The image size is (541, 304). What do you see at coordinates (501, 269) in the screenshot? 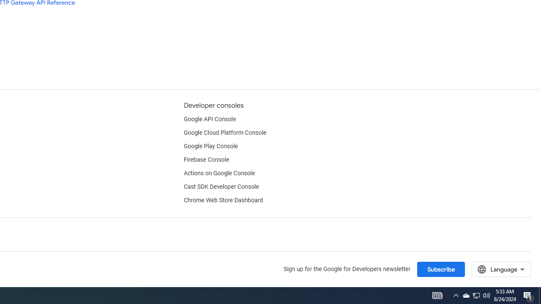
I see `'Language'` at bounding box center [501, 269].